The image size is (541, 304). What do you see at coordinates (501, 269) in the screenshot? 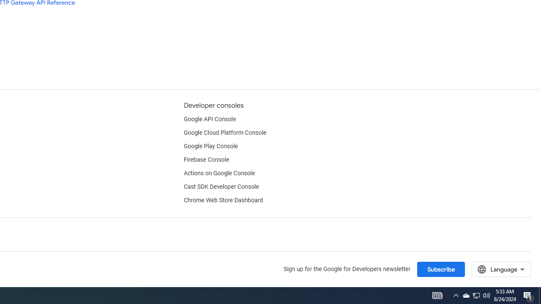
I see `'Language'` at bounding box center [501, 269].